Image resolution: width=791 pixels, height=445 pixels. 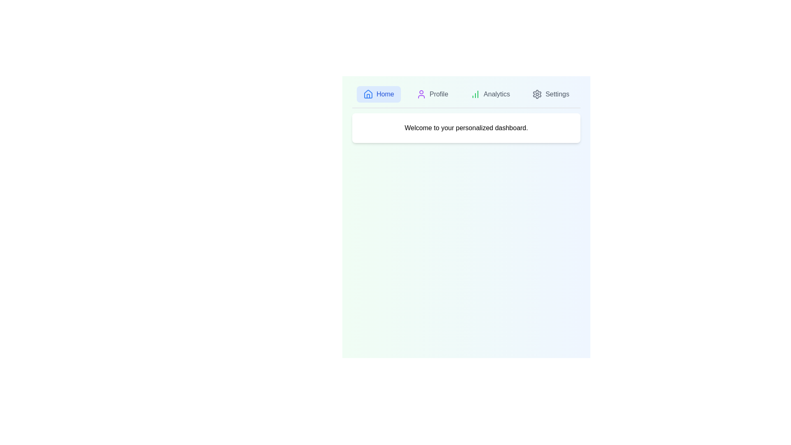 I want to click on the Analytics tab to view its hover effect, so click(x=490, y=94).